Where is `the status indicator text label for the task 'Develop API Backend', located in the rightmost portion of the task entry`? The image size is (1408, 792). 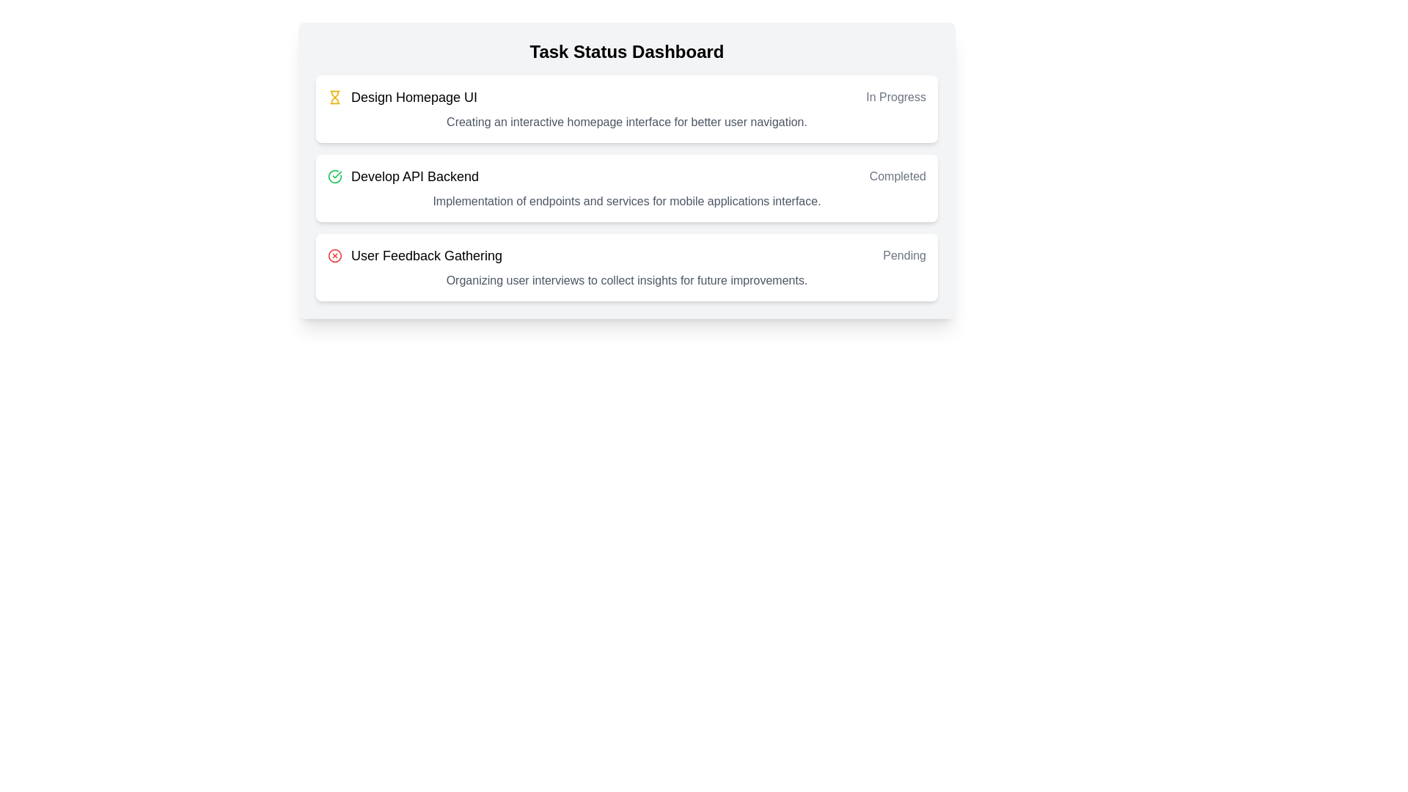 the status indicator text label for the task 'Develop API Backend', located in the rightmost portion of the task entry is located at coordinates (897, 175).